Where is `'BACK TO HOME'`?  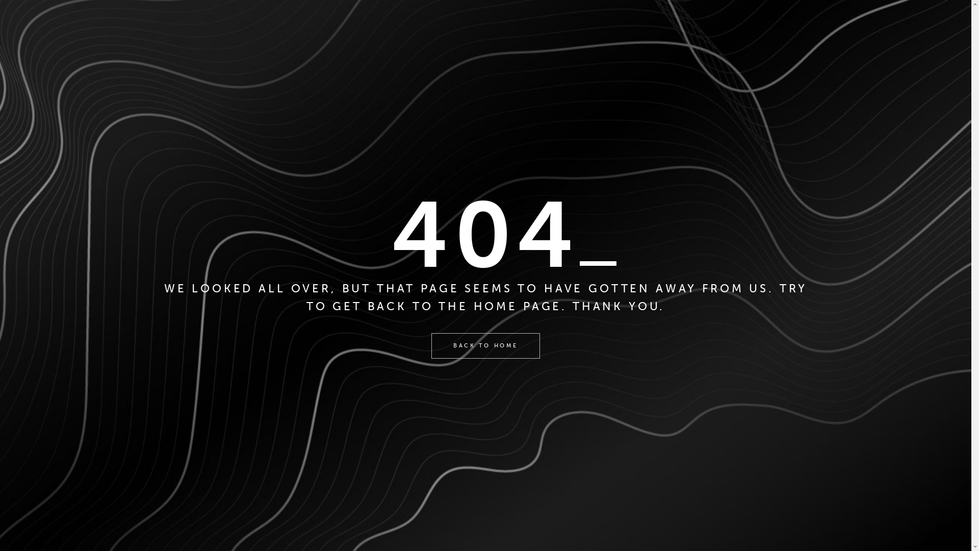 'BACK TO HOME' is located at coordinates (431, 345).